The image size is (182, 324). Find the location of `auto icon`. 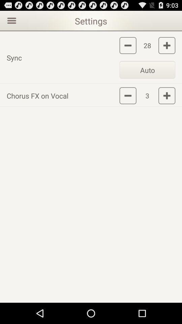

auto icon is located at coordinates (147, 70).